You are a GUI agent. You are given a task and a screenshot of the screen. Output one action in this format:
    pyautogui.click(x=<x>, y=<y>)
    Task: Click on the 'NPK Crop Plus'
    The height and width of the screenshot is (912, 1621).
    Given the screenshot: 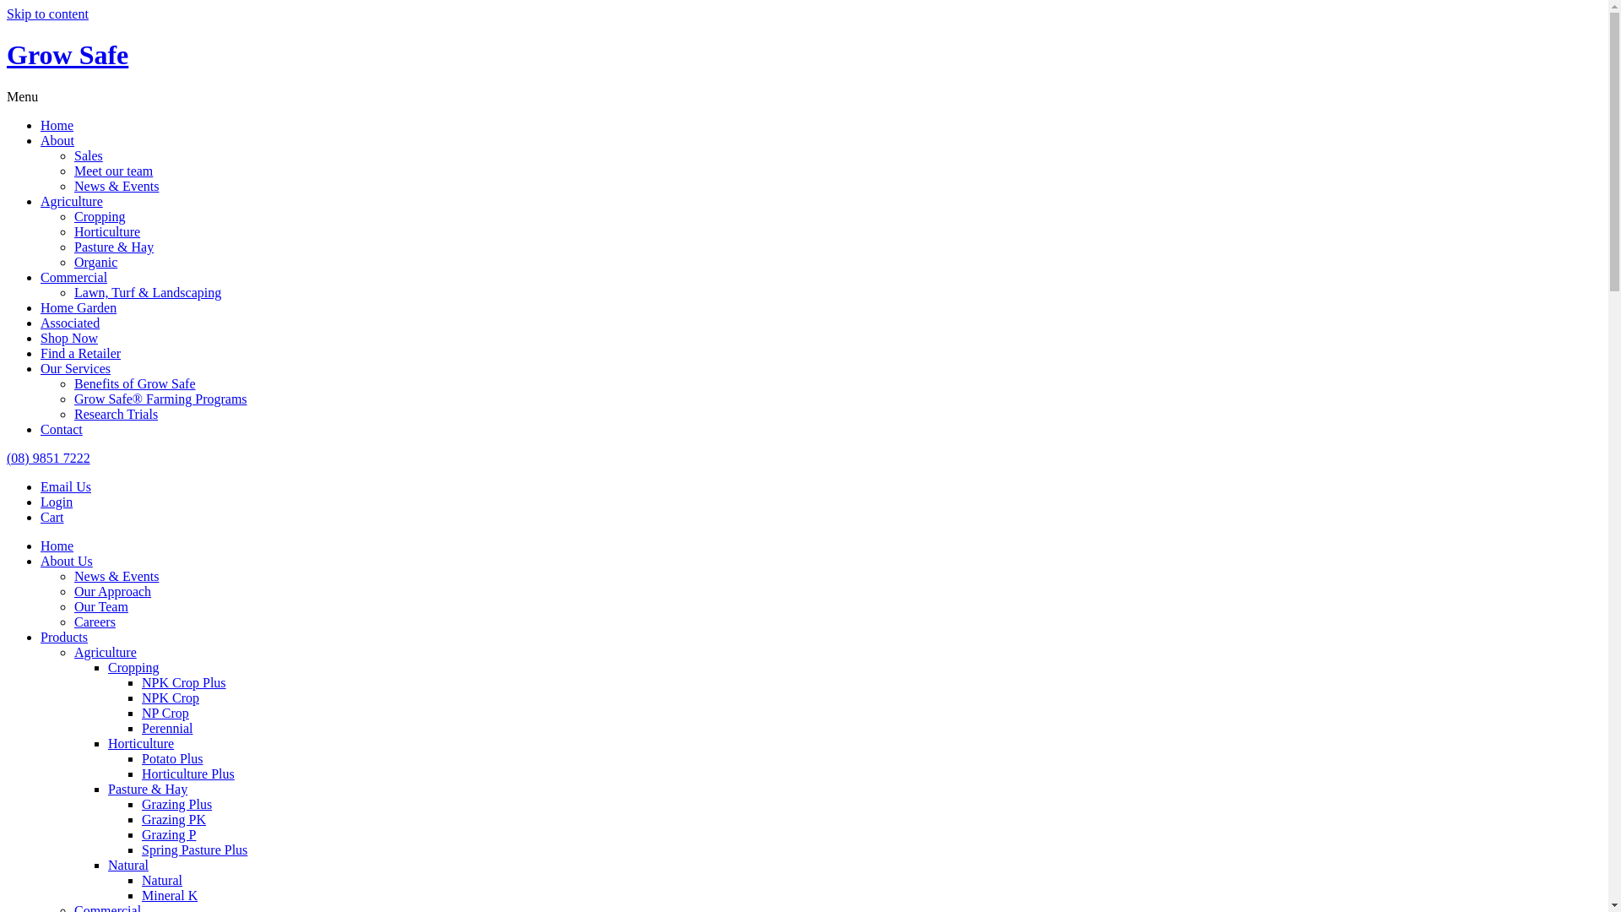 What is the action you would take?
    pyautogui.click(x=142, y=681)
    